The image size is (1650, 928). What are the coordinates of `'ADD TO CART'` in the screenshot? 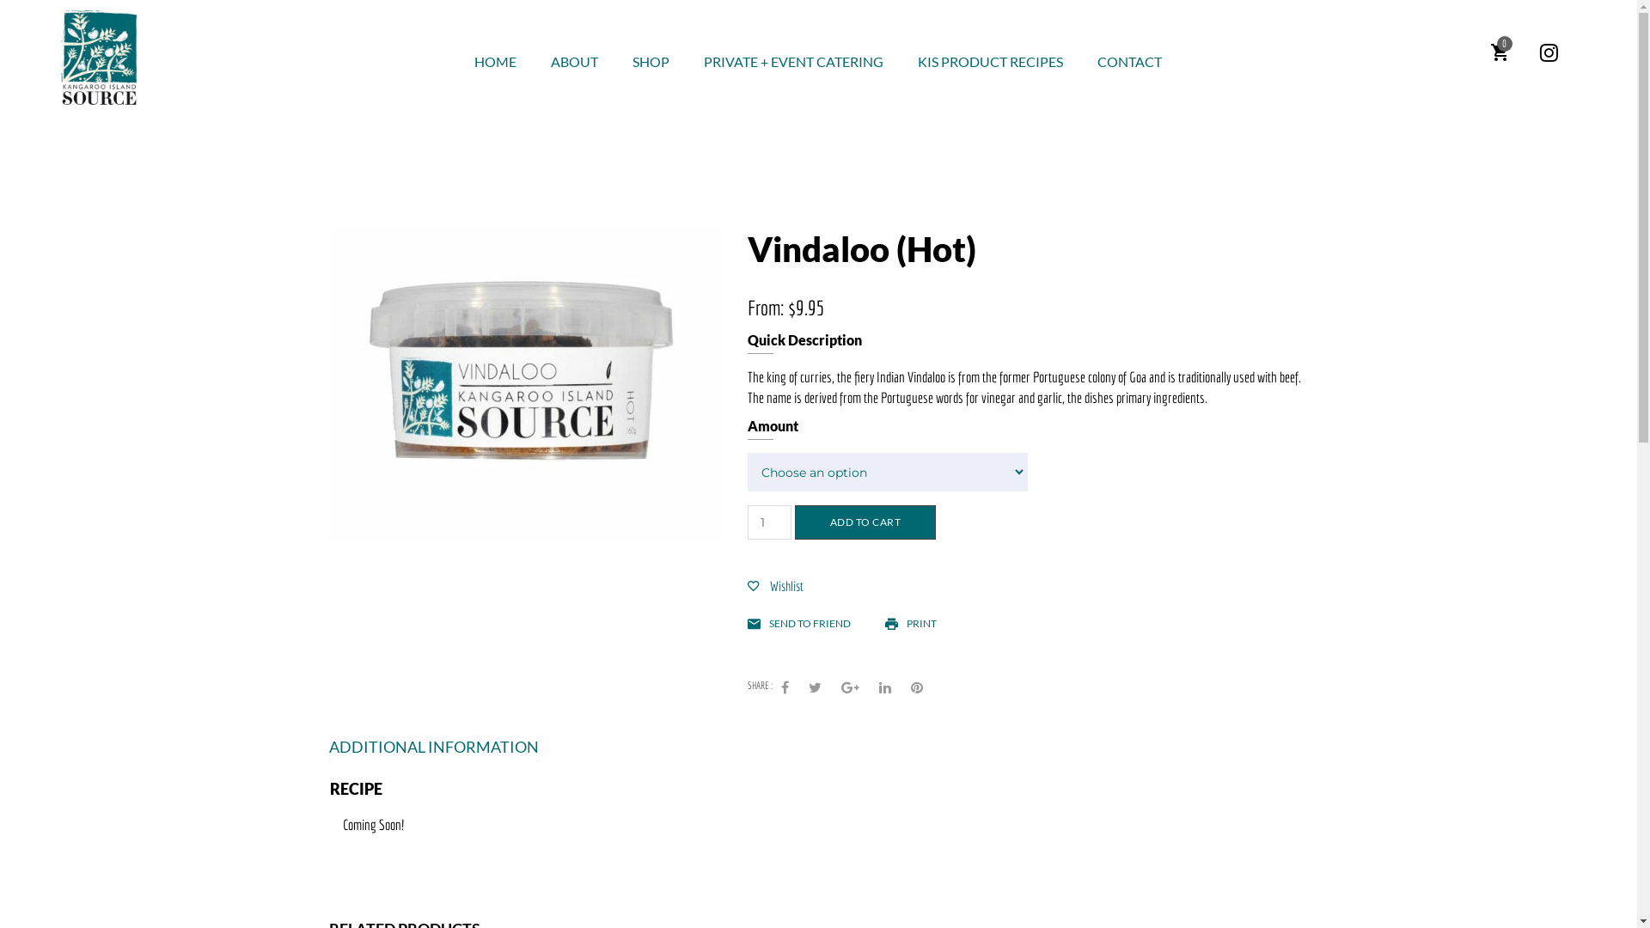 It's located at (794, 522).